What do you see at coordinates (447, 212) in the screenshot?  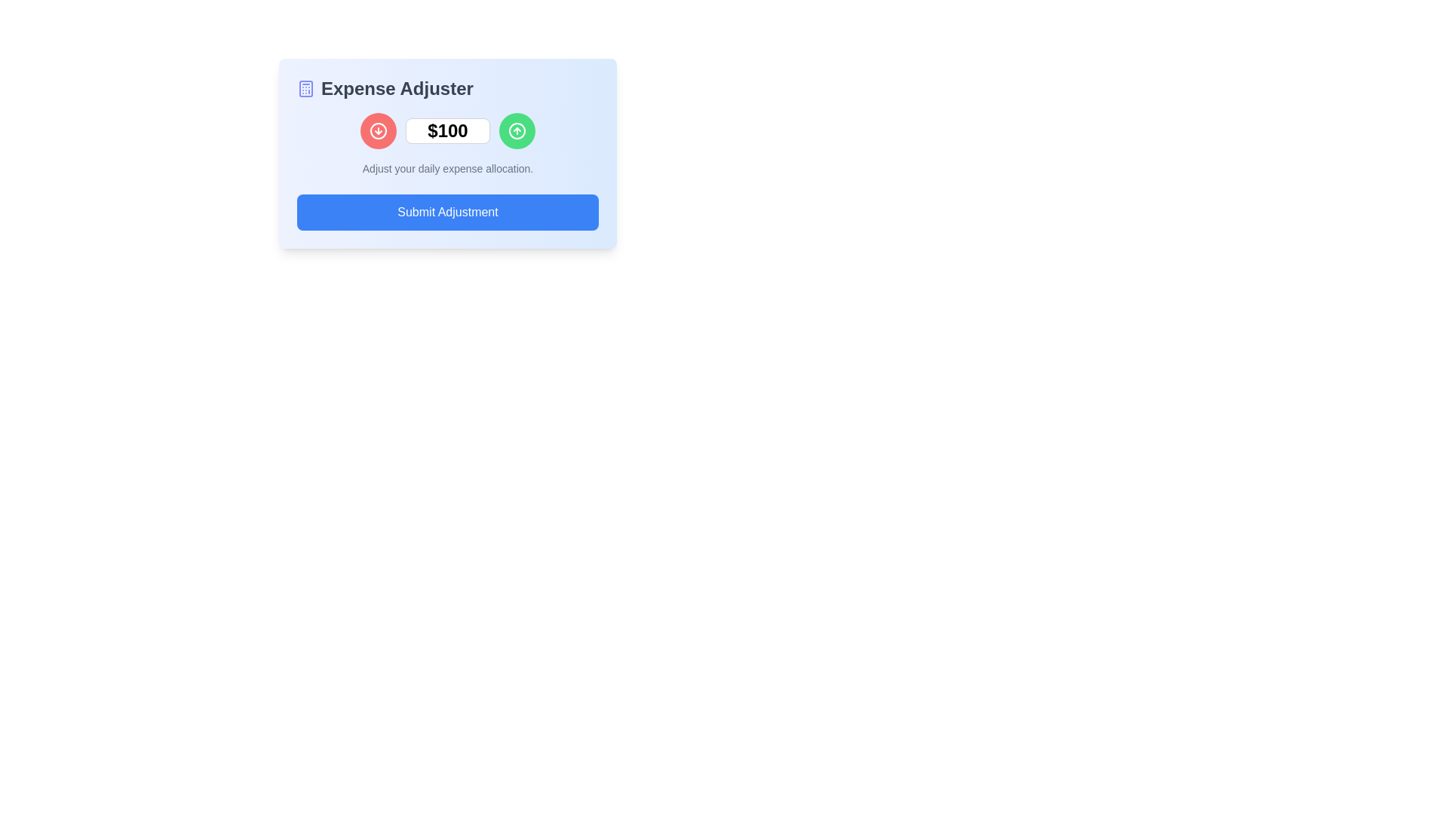 I see `the submit button located at the bottom of the 'Expense Adjuster' section` at bounding box center [447, 212].